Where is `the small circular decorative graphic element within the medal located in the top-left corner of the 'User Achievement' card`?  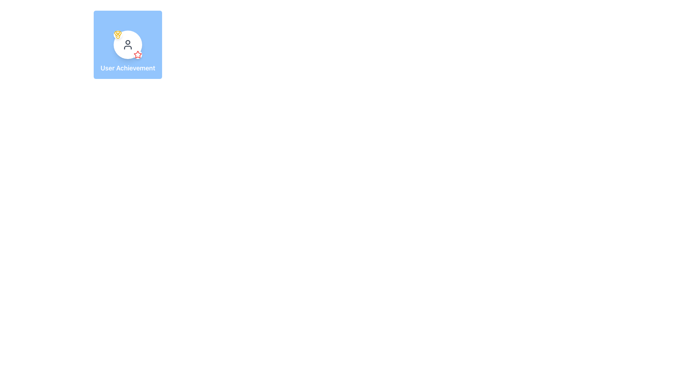 the small circular decorative graphic element within the medal located in the top-left corner of the 'User Achievement' card is located at coordinates (118, 37).